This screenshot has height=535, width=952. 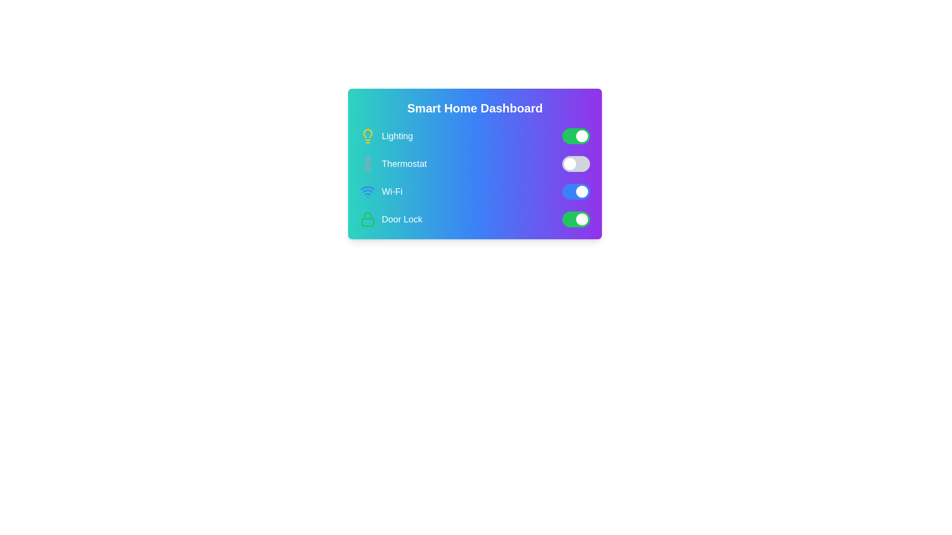 I want to click on the small circular toggle indicator for the 'Door Lock' feature, which is styled with a white color and is the rightmost part of the toggle switch component, so click(x=582, y=219).